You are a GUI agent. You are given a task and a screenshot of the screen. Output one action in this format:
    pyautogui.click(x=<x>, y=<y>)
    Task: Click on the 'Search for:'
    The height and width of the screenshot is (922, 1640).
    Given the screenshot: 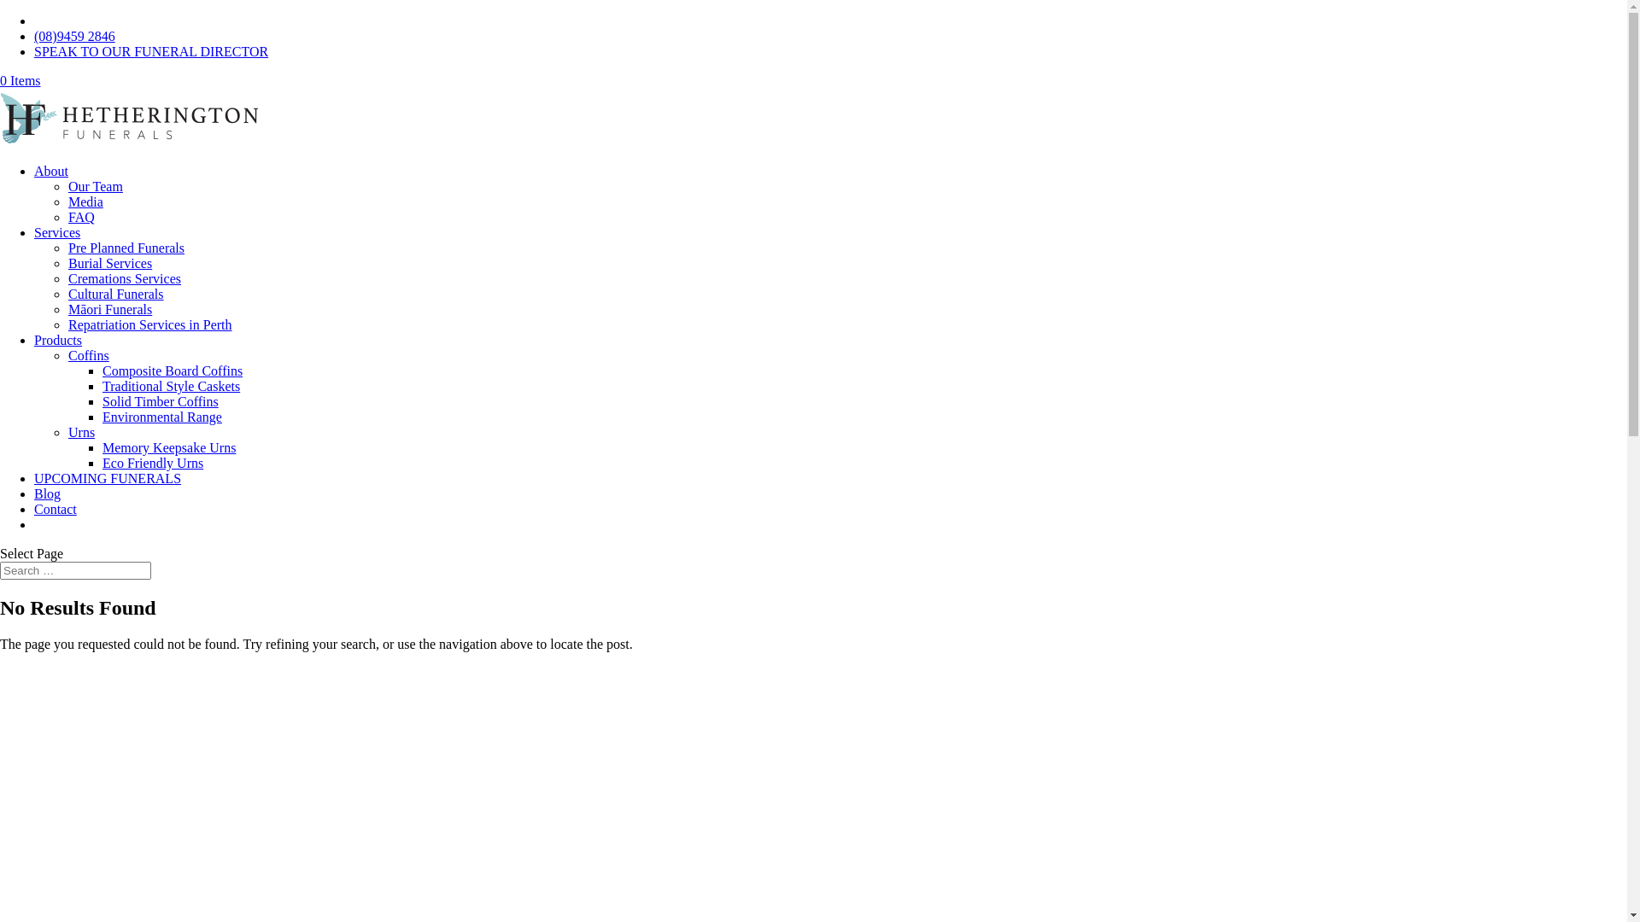 What is the action you would take?
    pyautogui.click(x=74, y=570)
    